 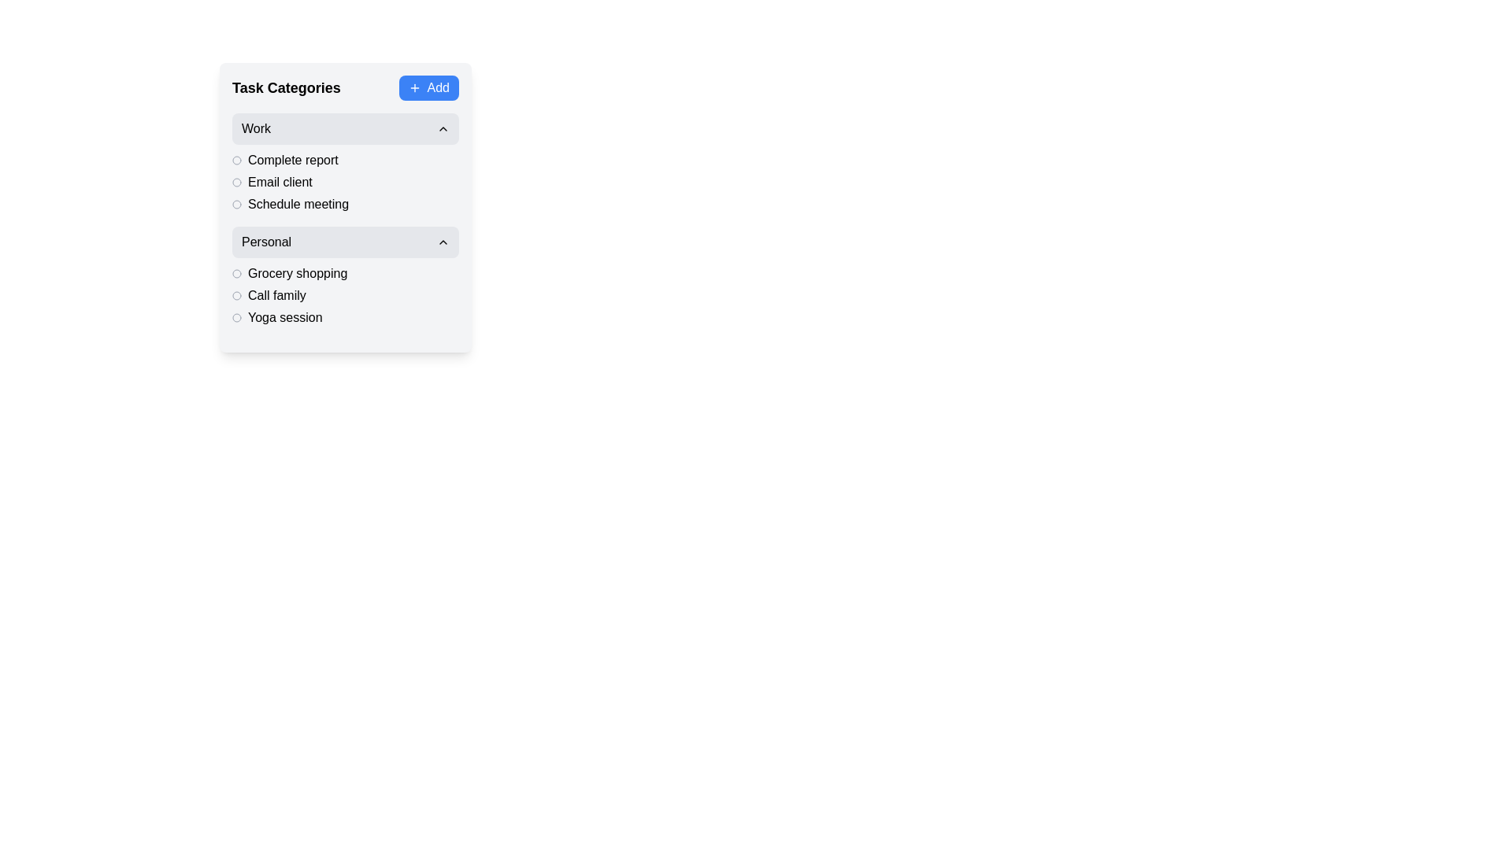 What do you see at coordinates (344, 220) in the screenshot?
I see `the collapsible list component section` at bounding box center [344, 220].